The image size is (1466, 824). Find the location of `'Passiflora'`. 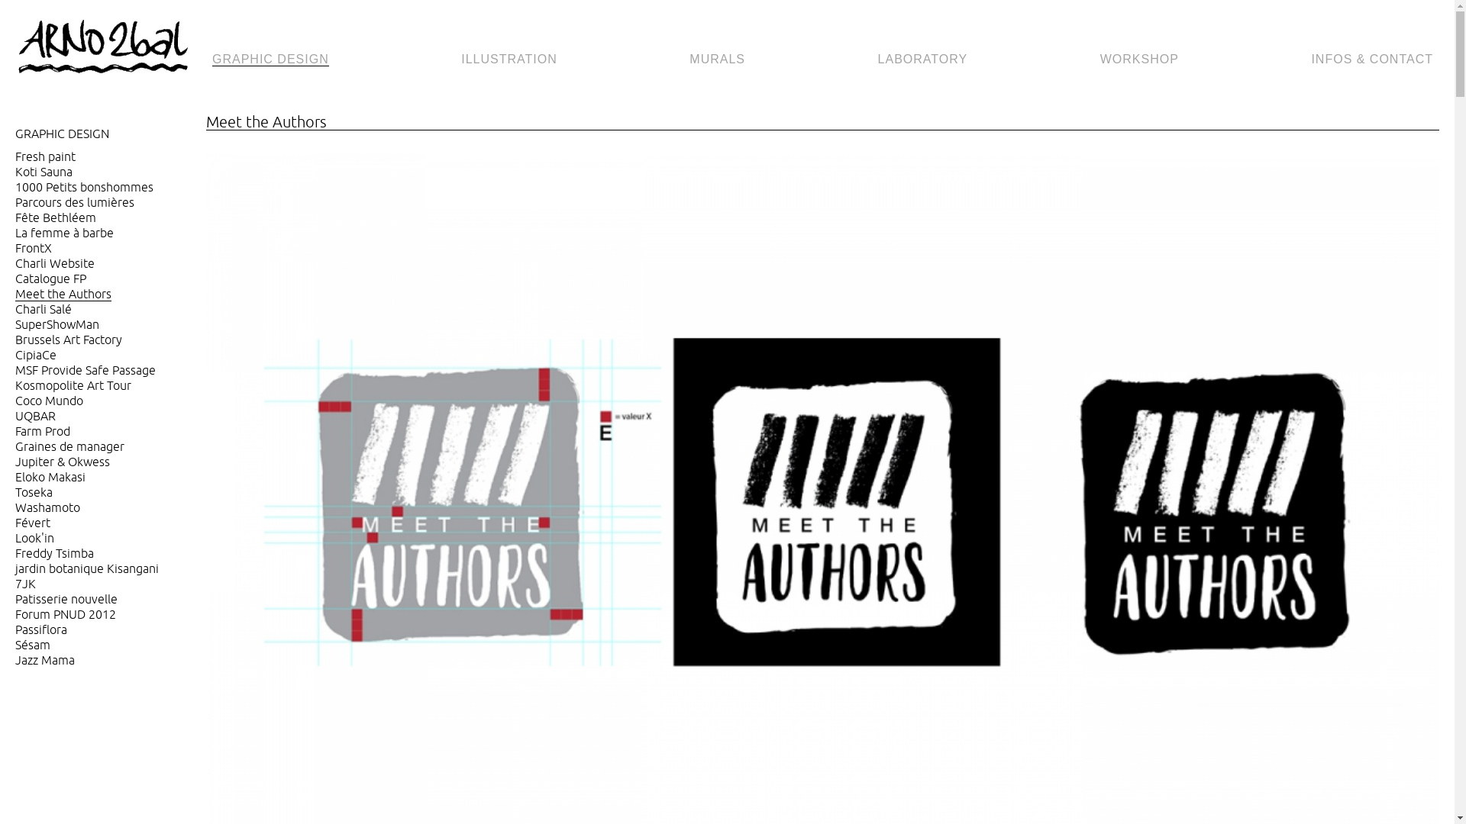

'Passiflora' is located at coordinates (40, 629).